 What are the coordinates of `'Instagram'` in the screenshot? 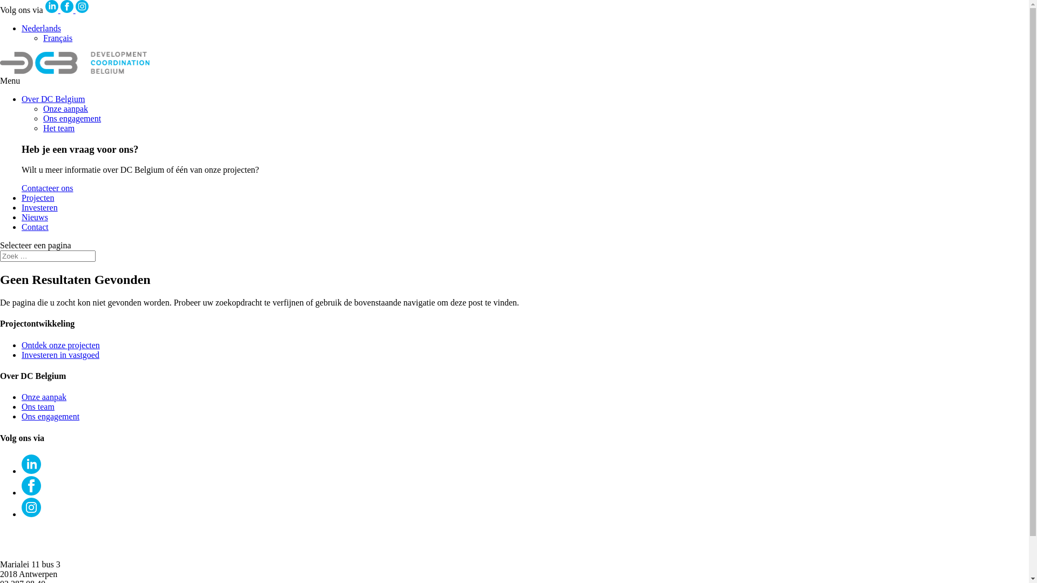 It's located at (31, 507).